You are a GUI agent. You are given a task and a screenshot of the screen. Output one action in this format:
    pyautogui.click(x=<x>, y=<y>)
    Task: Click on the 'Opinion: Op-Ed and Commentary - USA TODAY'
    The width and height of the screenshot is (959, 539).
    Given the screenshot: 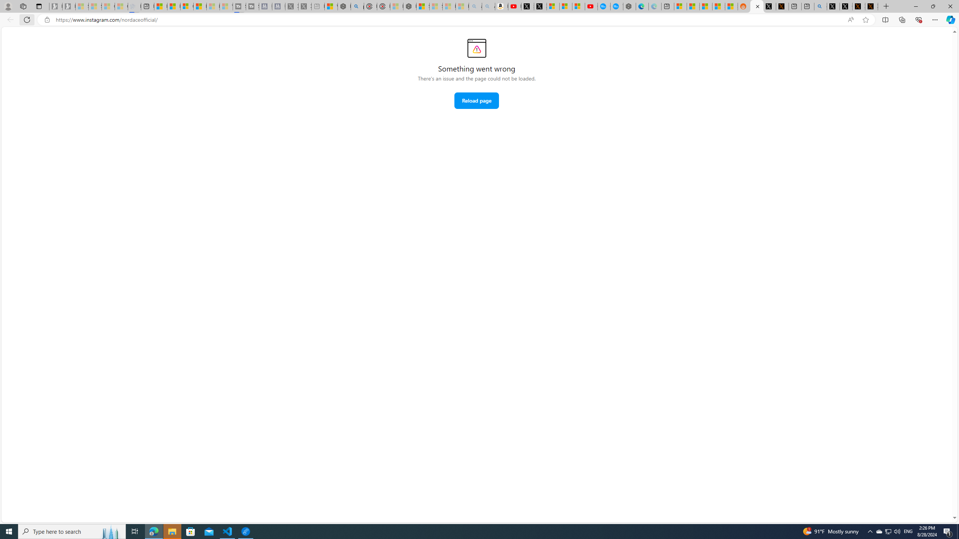 What is the action you would take?
    pyautogui.click(x=603, y=6)
    